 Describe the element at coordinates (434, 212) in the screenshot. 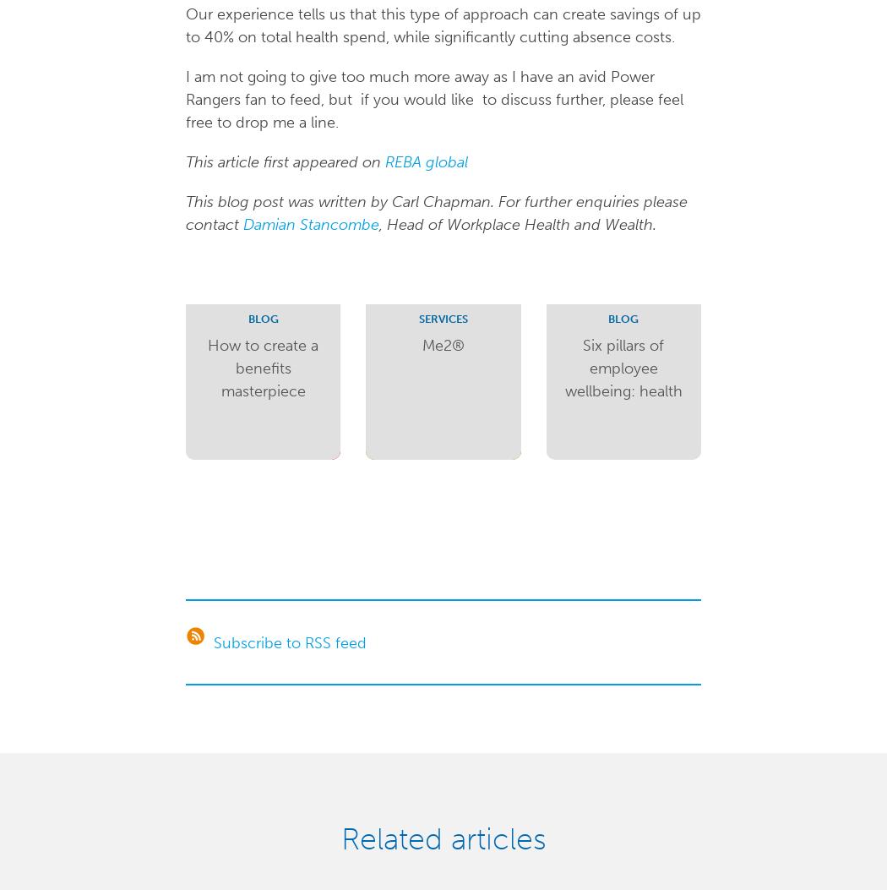

I see `'This blog post was written by Carl Chapman. For further enquiries please contact'` at that location.